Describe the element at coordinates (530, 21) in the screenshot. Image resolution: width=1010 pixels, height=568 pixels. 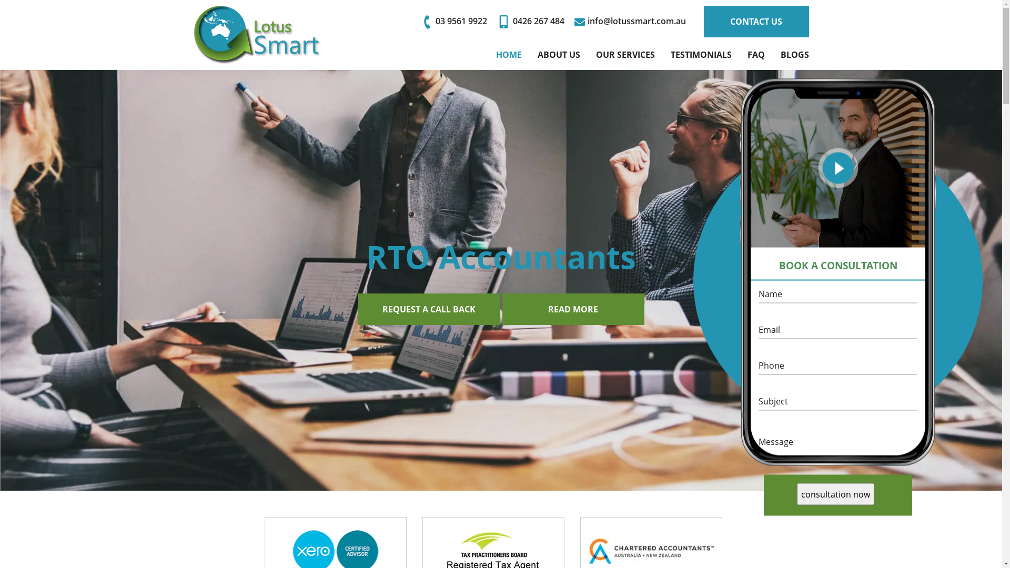
I see `'0426 267 484'` at that location.